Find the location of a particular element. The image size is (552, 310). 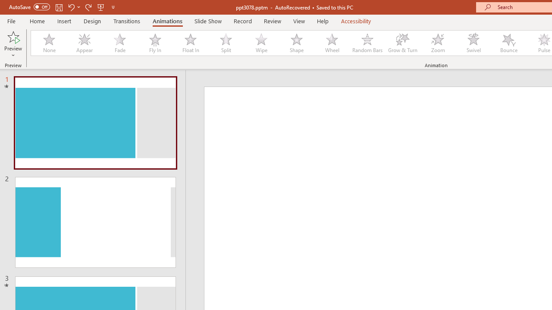

'Shape' is located at coordinates (297, 43).